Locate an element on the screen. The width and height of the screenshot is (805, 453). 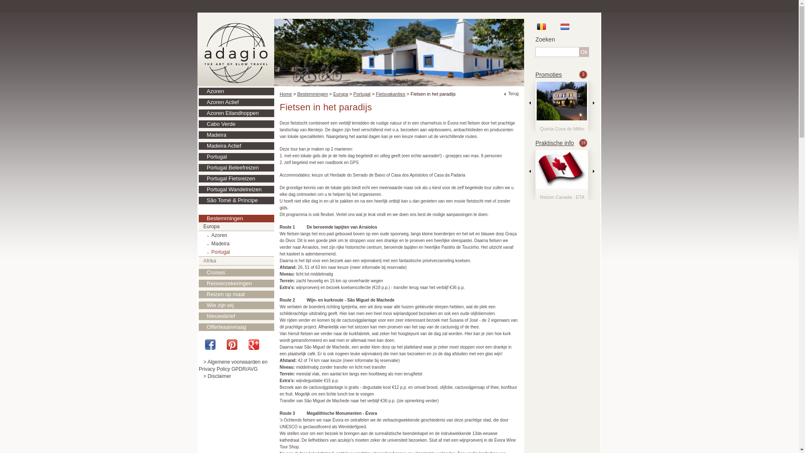
'Azoren Eilandhoppen' is located at coordinates (236, 113).